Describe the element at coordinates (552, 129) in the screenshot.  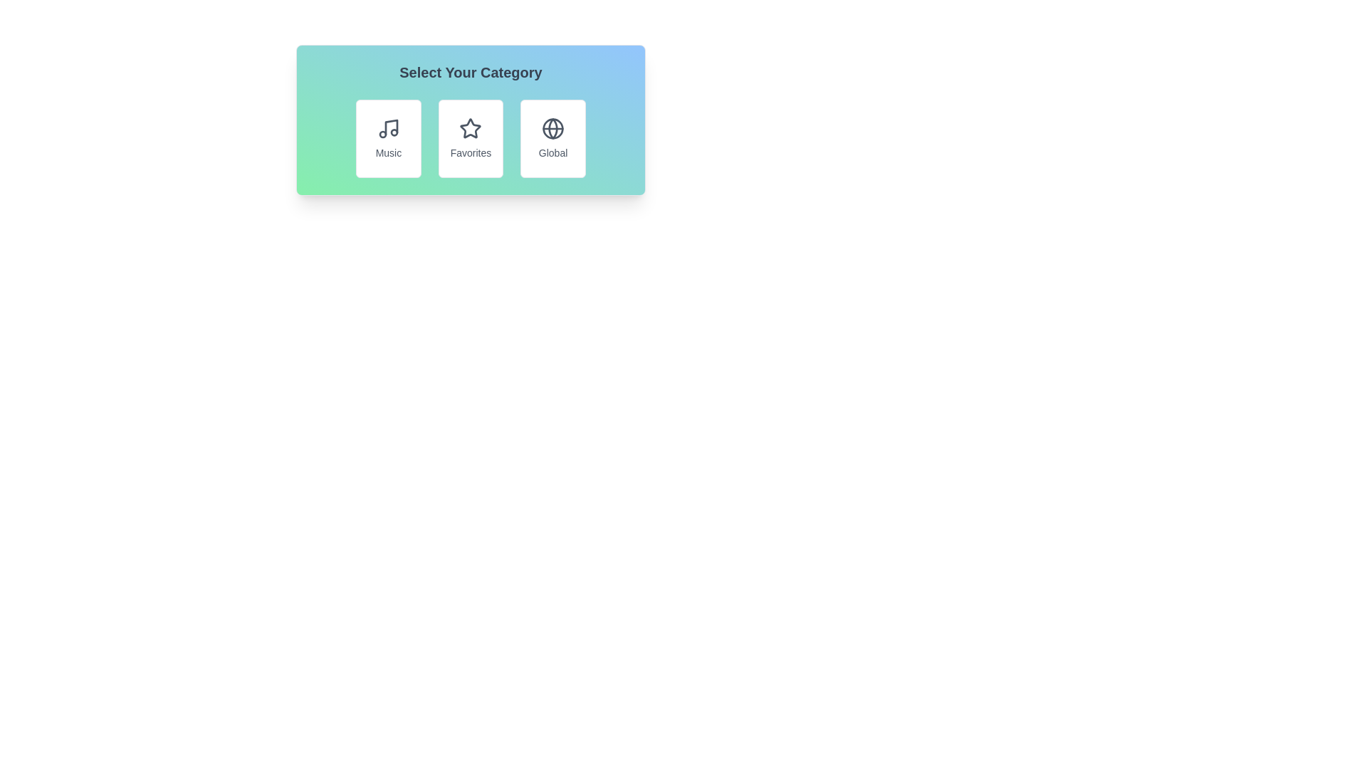
I see `the middle curved line of the globe icon, which is part of the 'Global' category button located on the rightmost position among three horizontal buttons in the center of the interface` at that location.